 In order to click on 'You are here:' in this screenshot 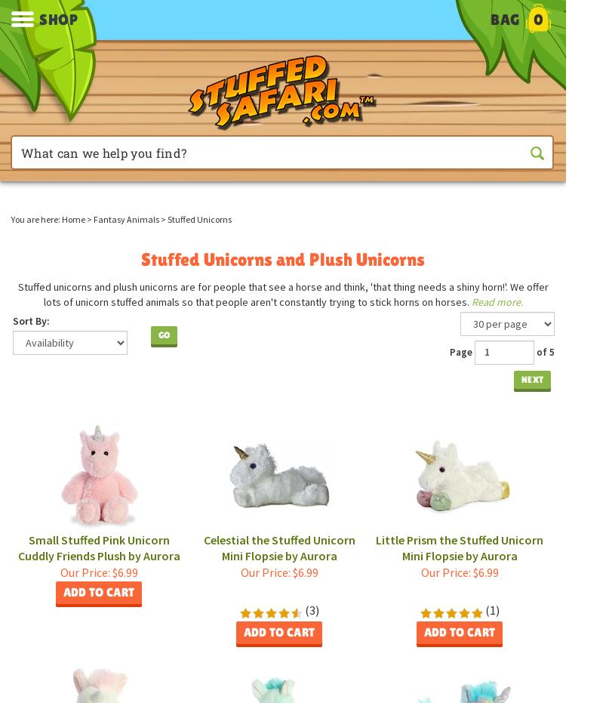, I will do `click(35, 218)`.